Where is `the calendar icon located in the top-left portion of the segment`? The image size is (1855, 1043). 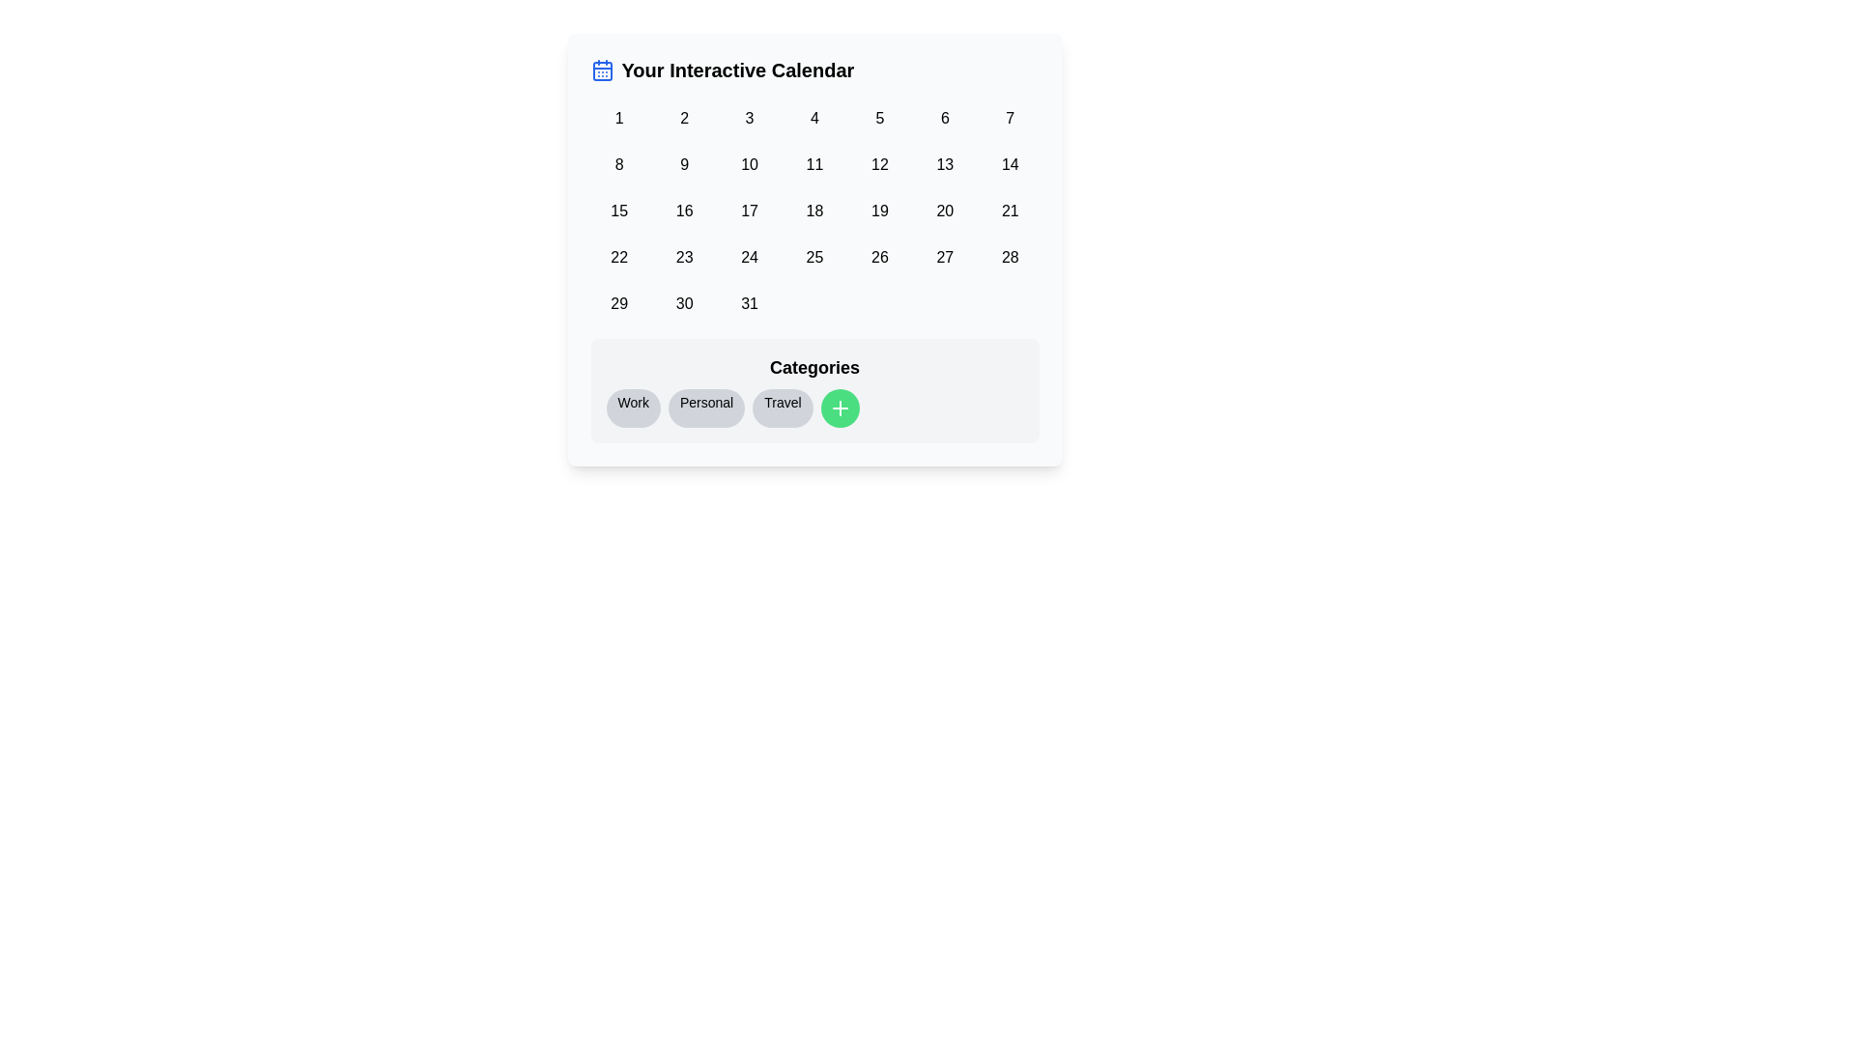 the calendar icon located in the top-left portion of the segment is located at coordinates (601, 70).